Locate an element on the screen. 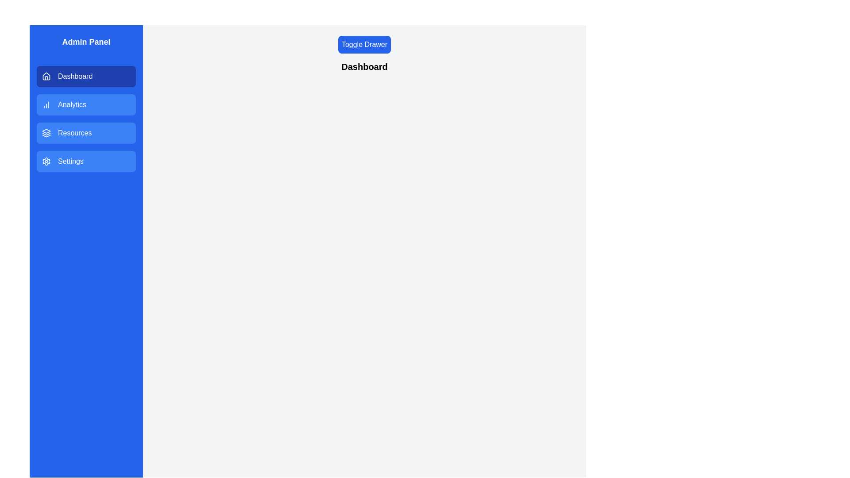 The width and height of the screenshot is (850, 478). the menu section Dashboard by clicking on its button is located at coordinates (86, 76).